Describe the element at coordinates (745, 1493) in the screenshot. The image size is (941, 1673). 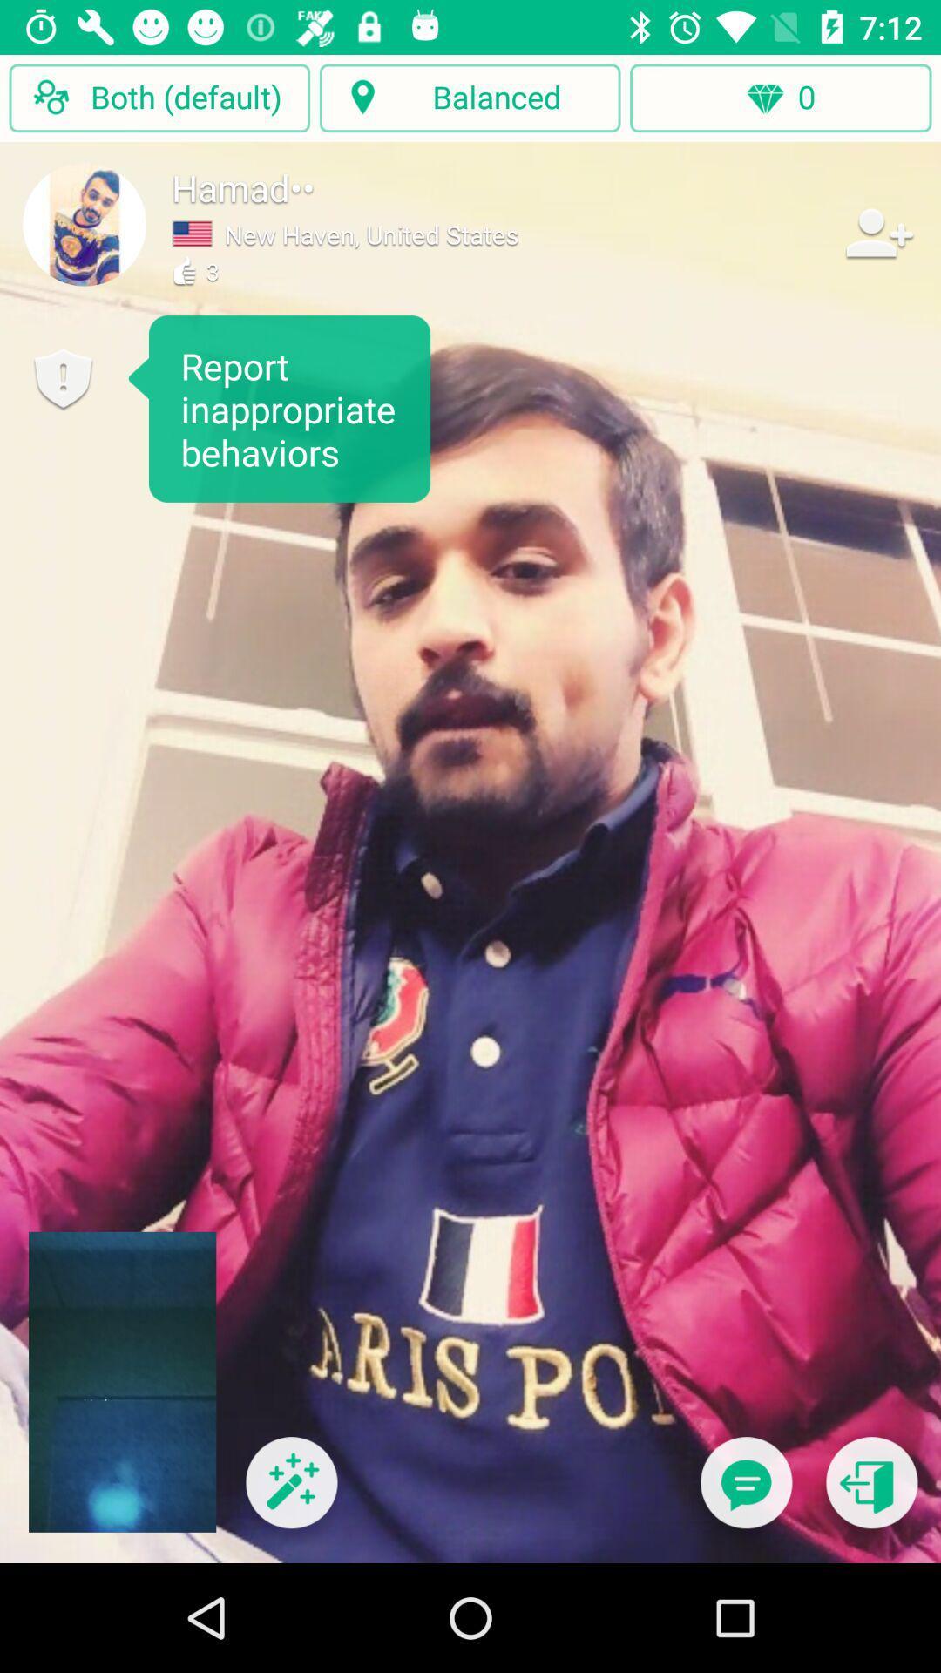
I see `open keyboard` at that location.